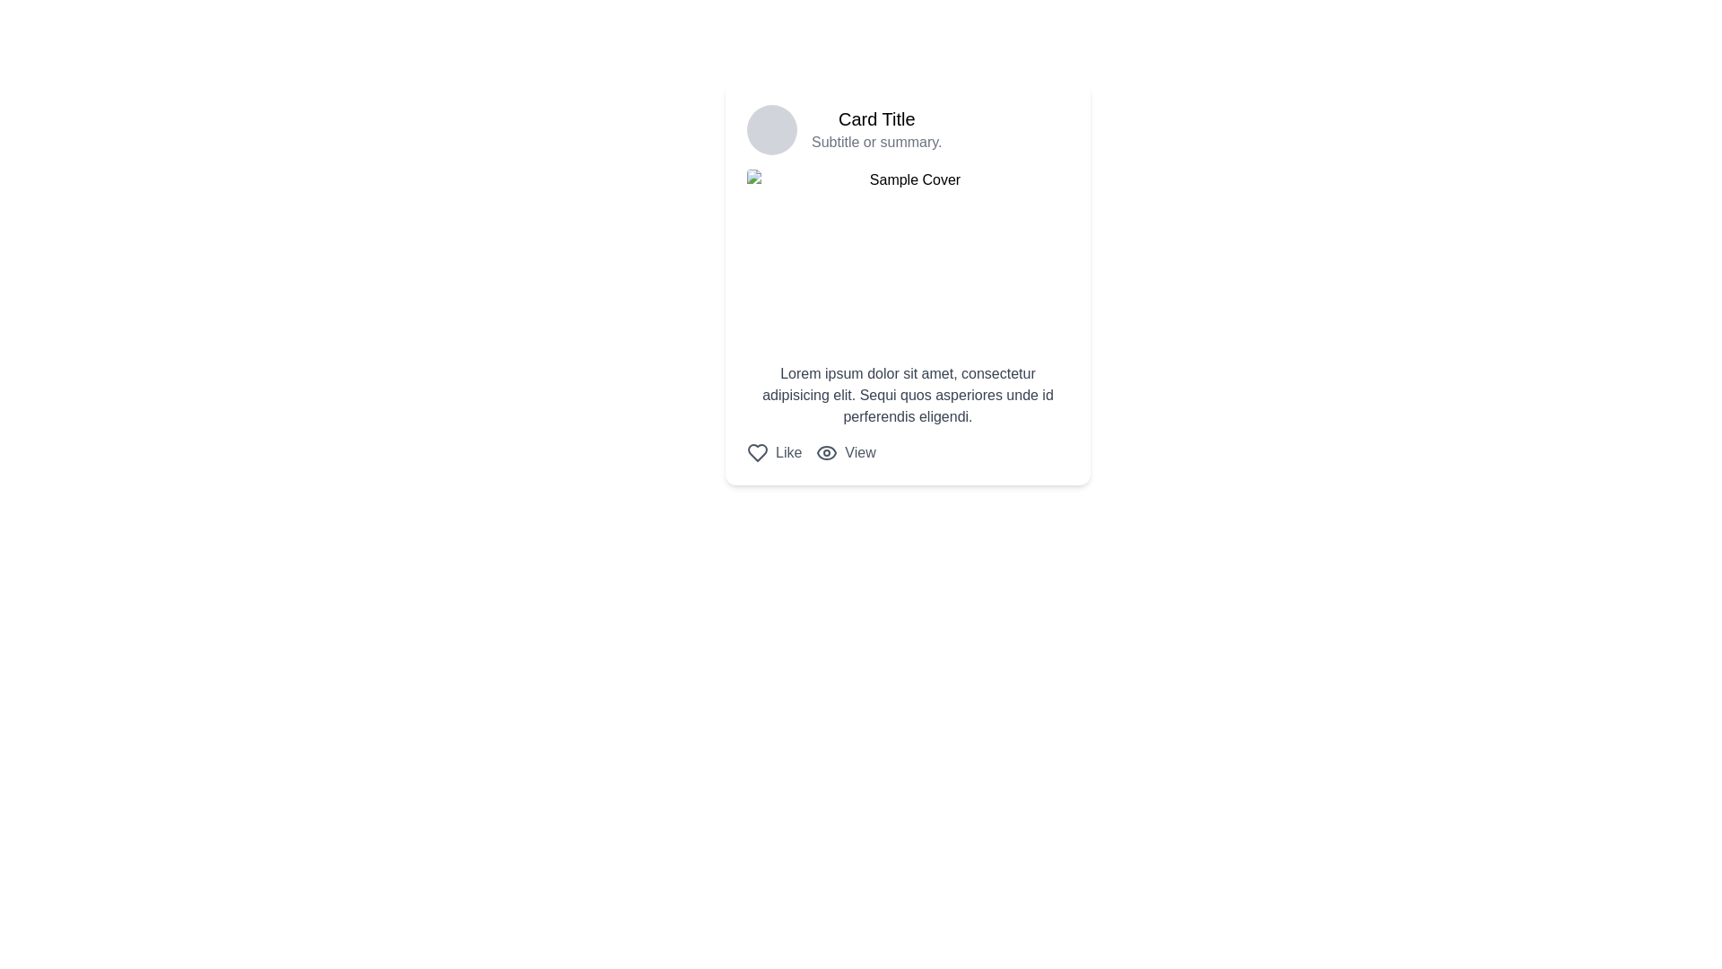 The width and height of the screenshot is (1722, 969). What do you see at coordinates (774, 452) in the screenshot?
I see `the 'Like' button, which is the first button in a row and positioned to the right of a heart-shaped icon` at bounding box center [774, 452].